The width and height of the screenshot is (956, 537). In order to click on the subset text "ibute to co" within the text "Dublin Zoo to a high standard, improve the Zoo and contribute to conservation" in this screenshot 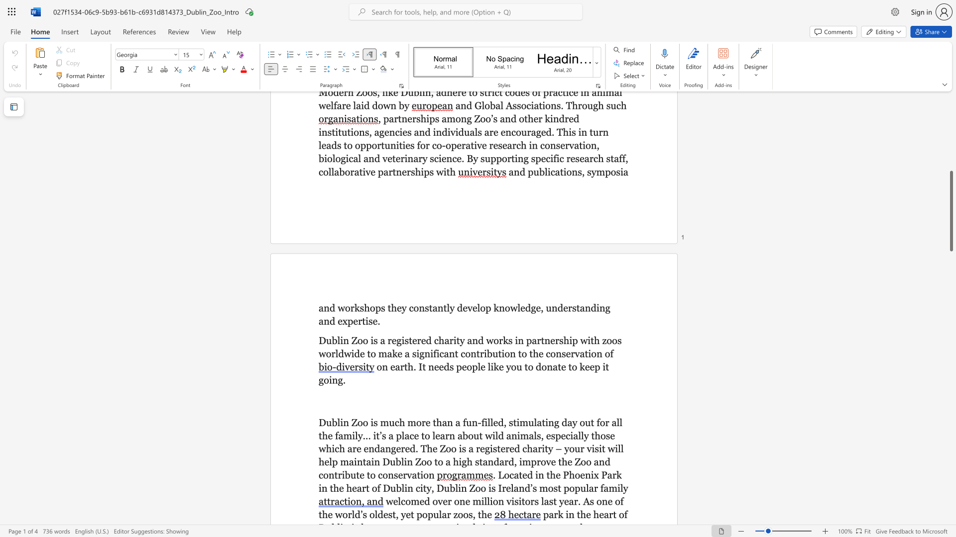, I will do `click(342, 474)`.